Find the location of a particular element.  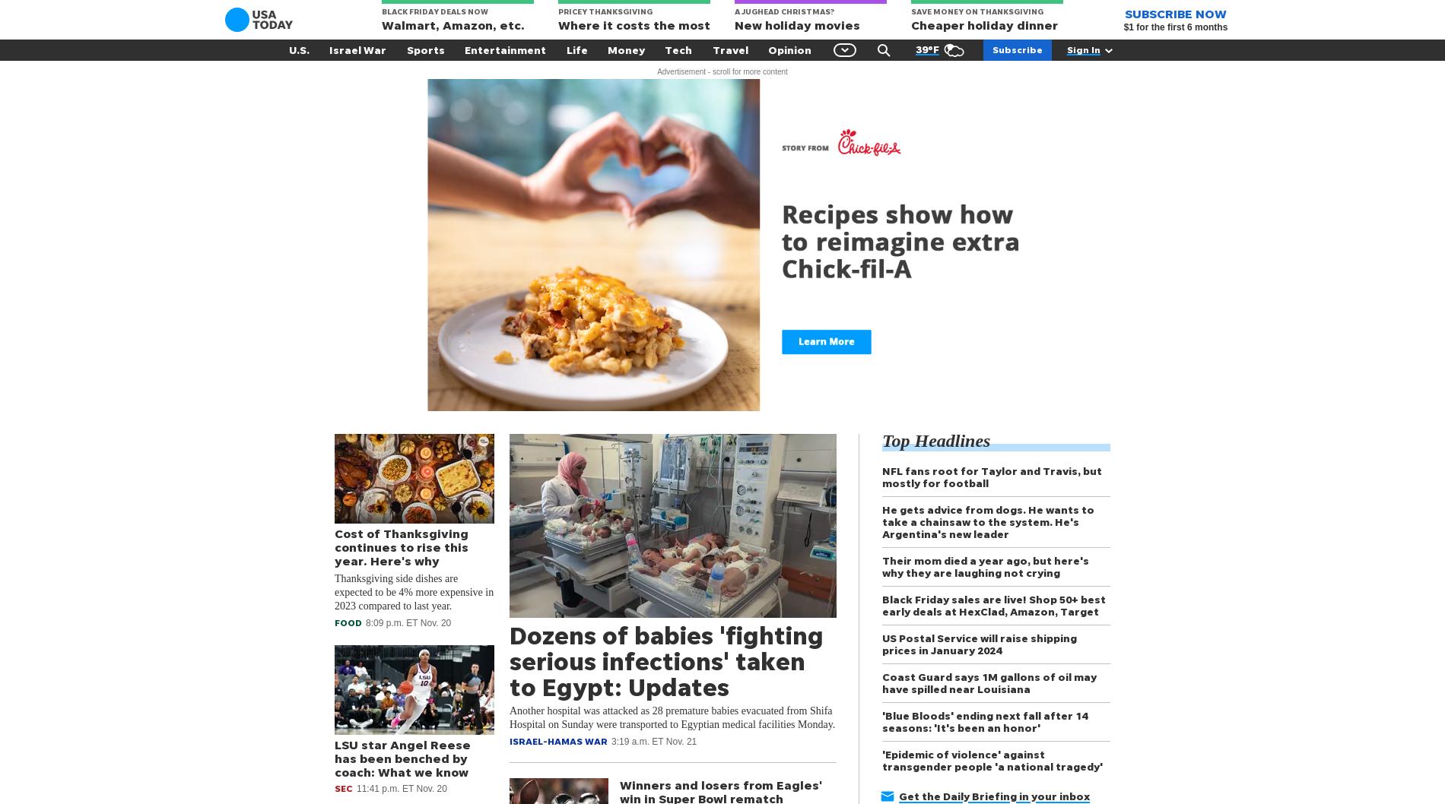

'Their mom died a year ago, but here's why they are laughing not crying' is located at coordinates (984, 566).